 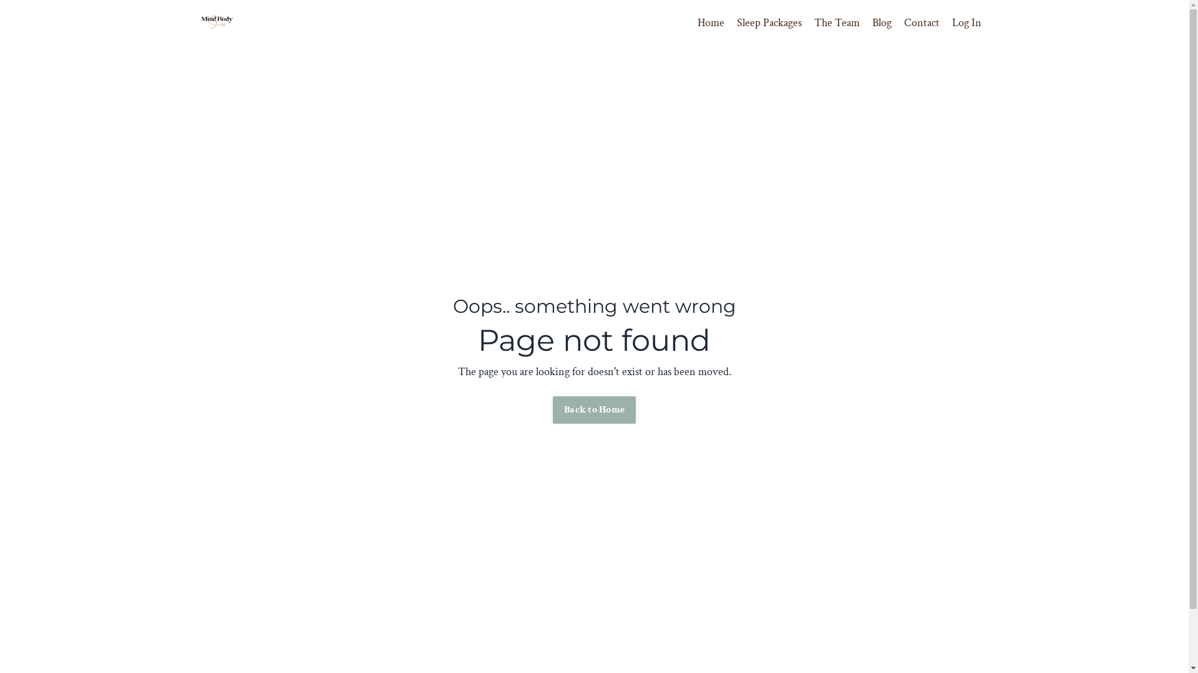 I want to click on 'Log In', so click(x=952, y=22).